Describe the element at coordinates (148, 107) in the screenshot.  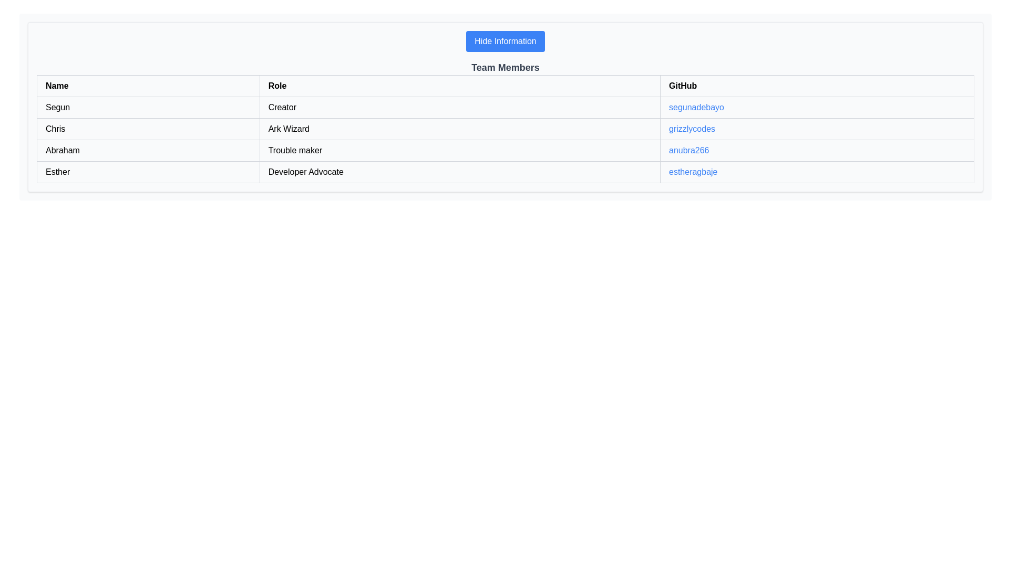
I see `the table cell displaying the name 'Segun' in the 'Name' column of the table` at that location.